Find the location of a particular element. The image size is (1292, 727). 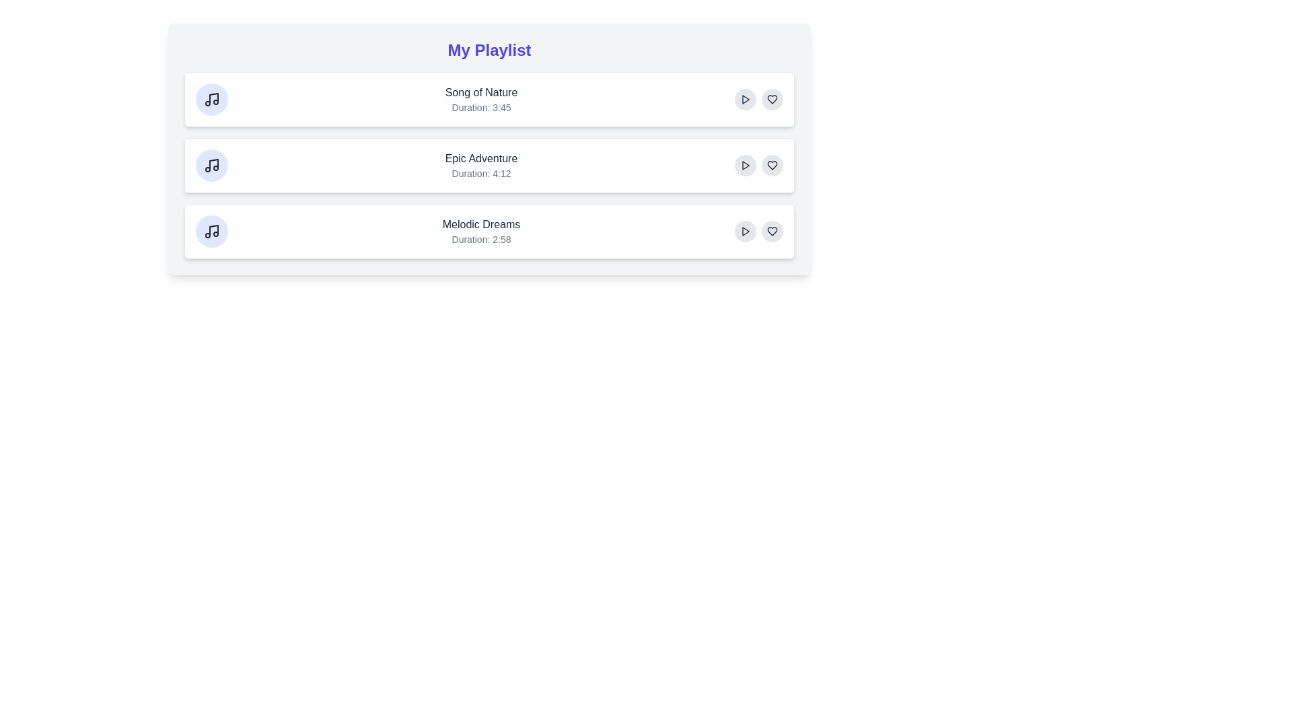

the play button of the Epic Adventure track is located at coordinates (745, 165).